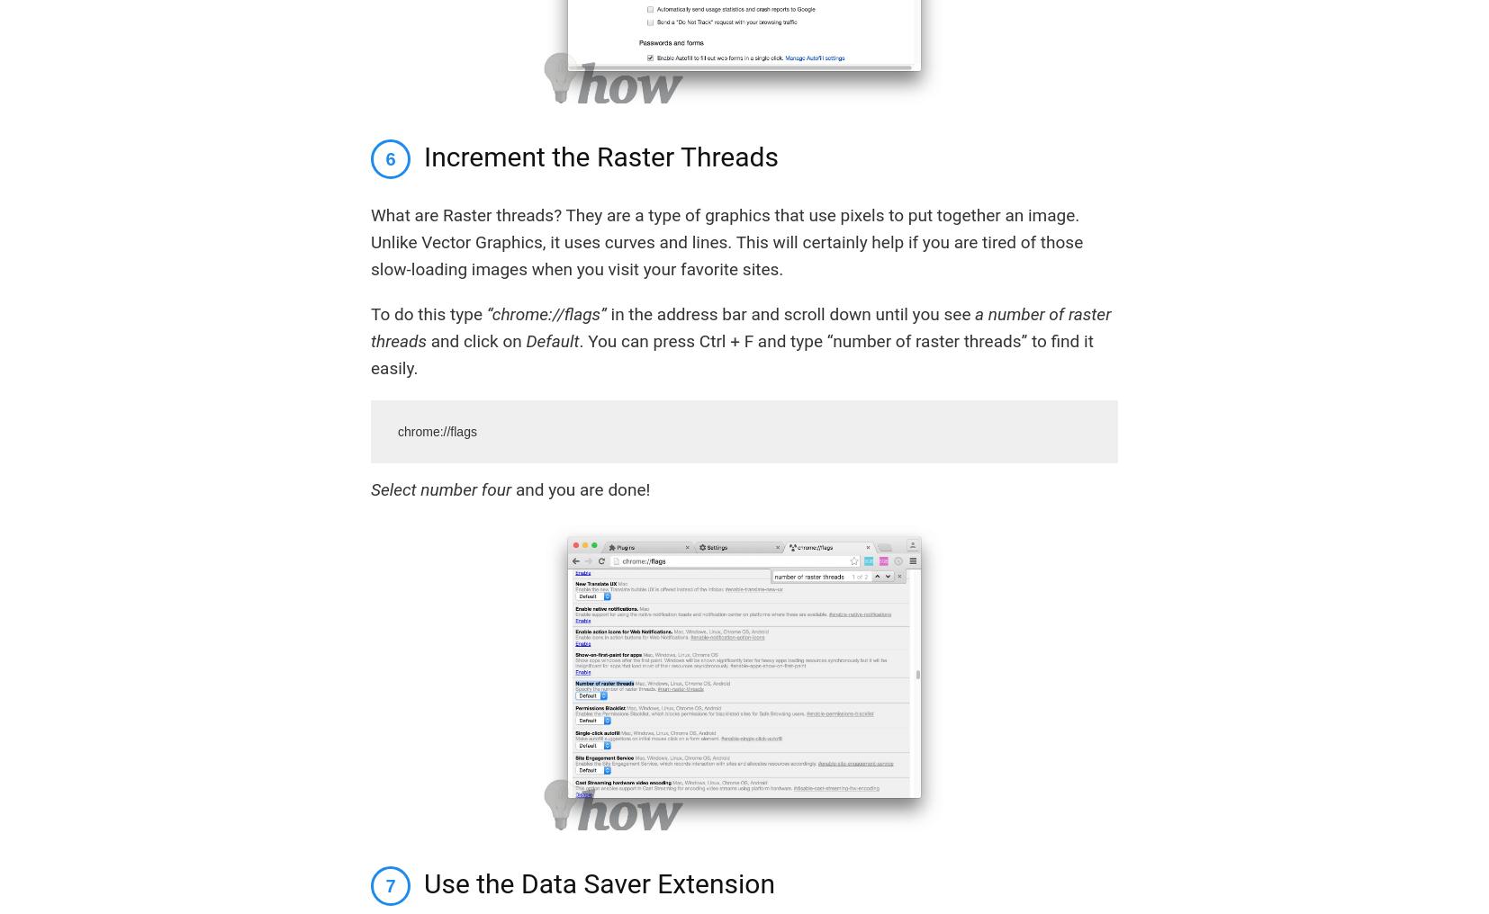 The image size is (1489, 914). Describe the element at coordinates (726, 240) in the screenshot. I see `'What are Raster threads? They are a type of graphics that use pixels to put together an image. Unlike Vector Graphics, it uses curves and lines. This will certainly help if you are tired of those slow-loading images when you visit your favorite sites.'` at that location.